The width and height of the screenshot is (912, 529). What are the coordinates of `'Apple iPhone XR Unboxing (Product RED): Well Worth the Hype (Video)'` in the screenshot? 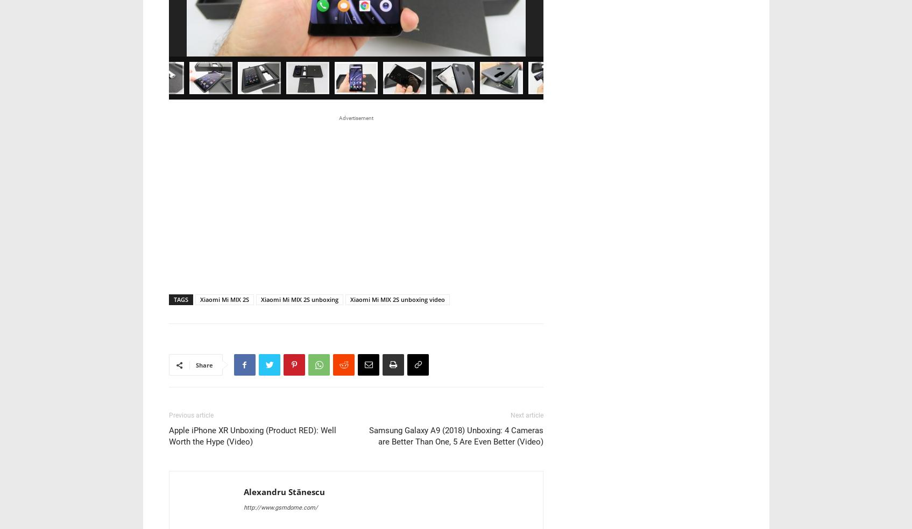 It's located at (251, 288).